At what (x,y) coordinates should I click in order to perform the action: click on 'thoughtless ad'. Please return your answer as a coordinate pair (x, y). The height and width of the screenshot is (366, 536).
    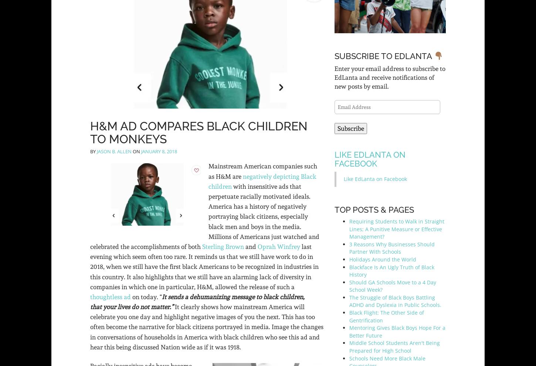
    Looking at the image, I should click on (110, 297).